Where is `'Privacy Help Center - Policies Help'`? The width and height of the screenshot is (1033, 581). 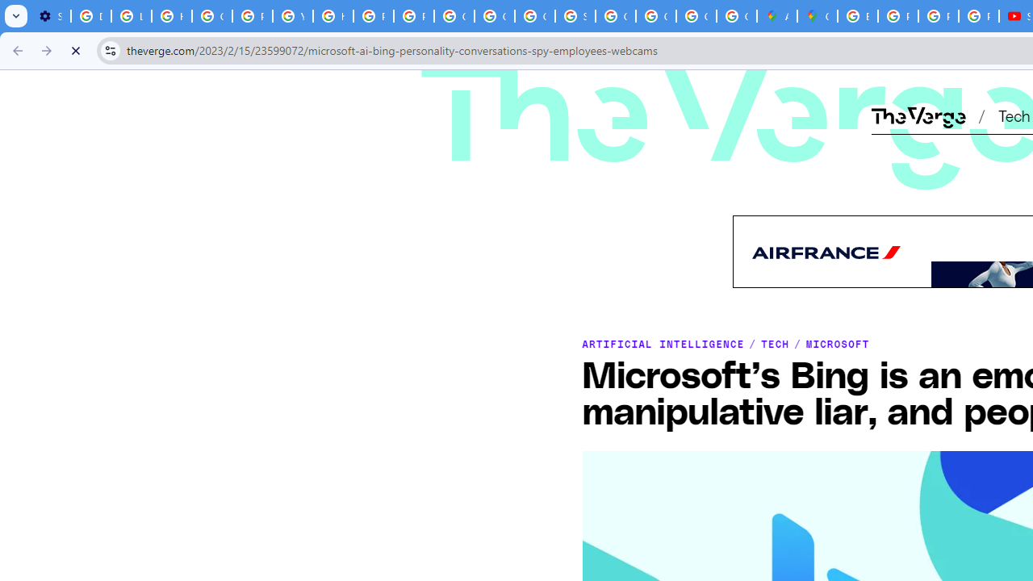
'Privacy Help Center - Policies Help' is located at coordinates (938, 16).